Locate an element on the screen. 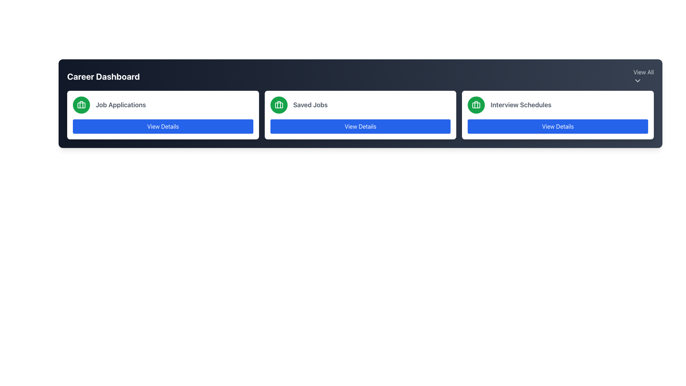 Image resolution: width=686 pixels, height=386 pixels. the 'Job Applications' icon located in the top-left corner of the 'Job Applications' block, which serves as a decorative symbol for job applications is located at coordinates (81, 105).